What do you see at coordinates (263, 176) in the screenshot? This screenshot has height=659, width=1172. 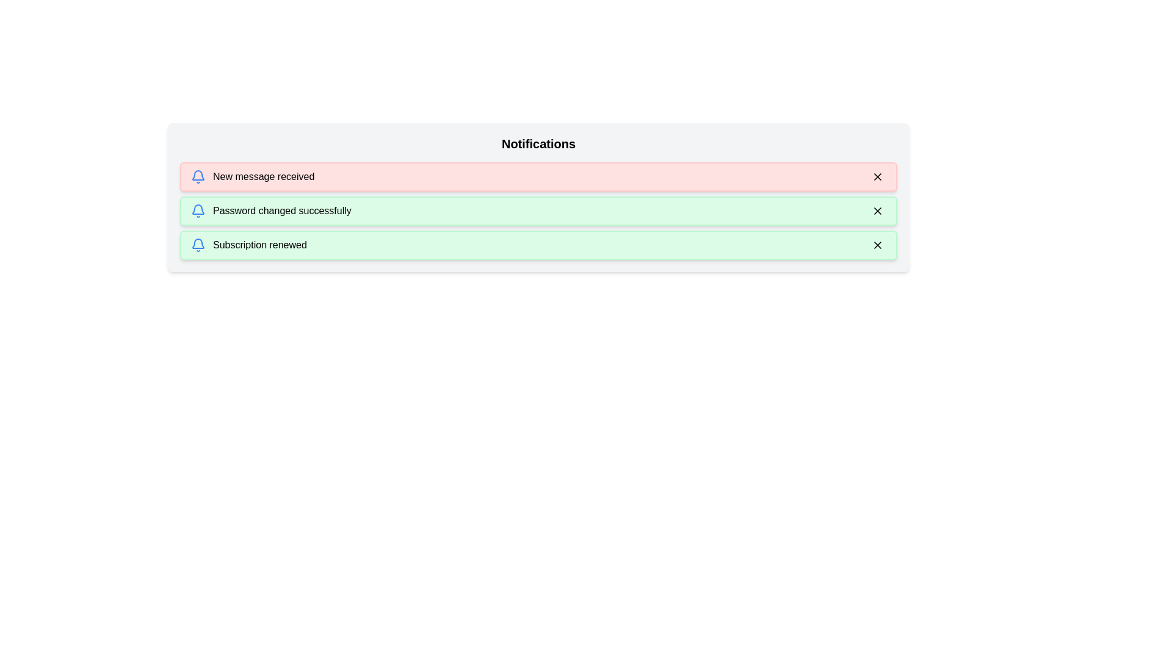 I see `the informational text label for the notification that indicates 'New message received', located at the top of the first notification item beneath the 'Notifications' title` at bounding box center [263, 176].